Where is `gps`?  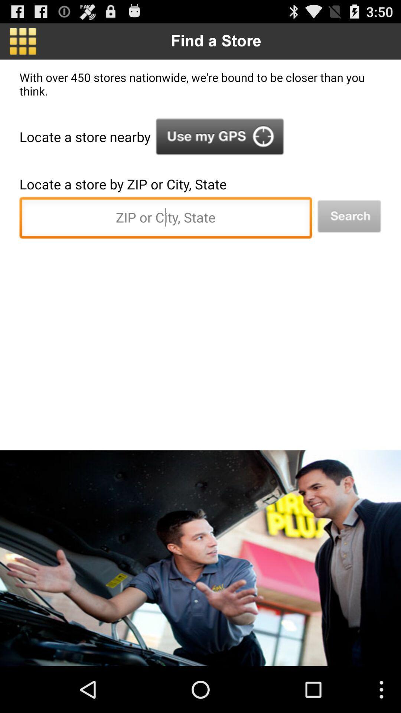 gps is located at coordinates (219, 137).